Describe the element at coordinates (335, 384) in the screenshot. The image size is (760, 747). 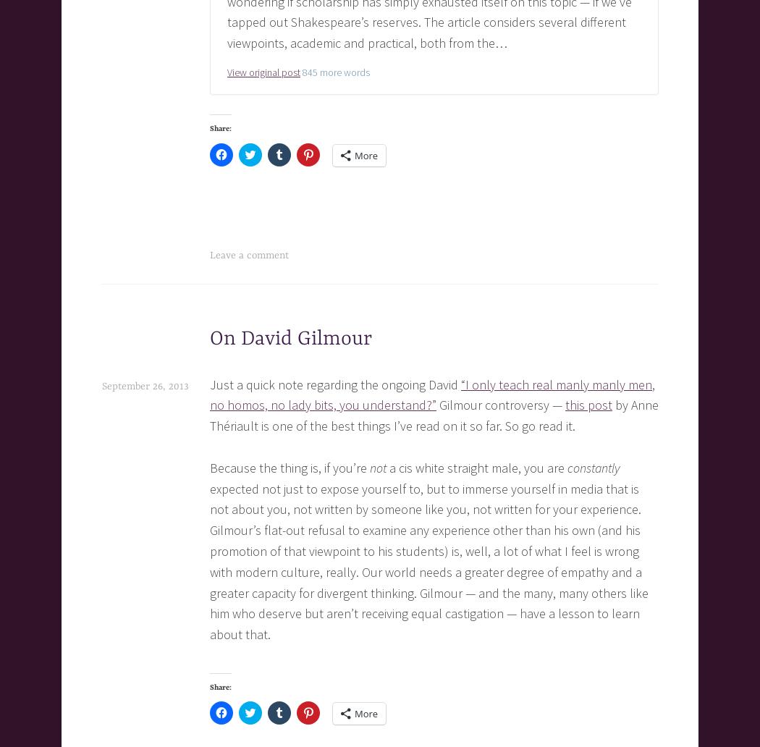
I see `'Just a quick note regarding the ongoing David'` at that location.